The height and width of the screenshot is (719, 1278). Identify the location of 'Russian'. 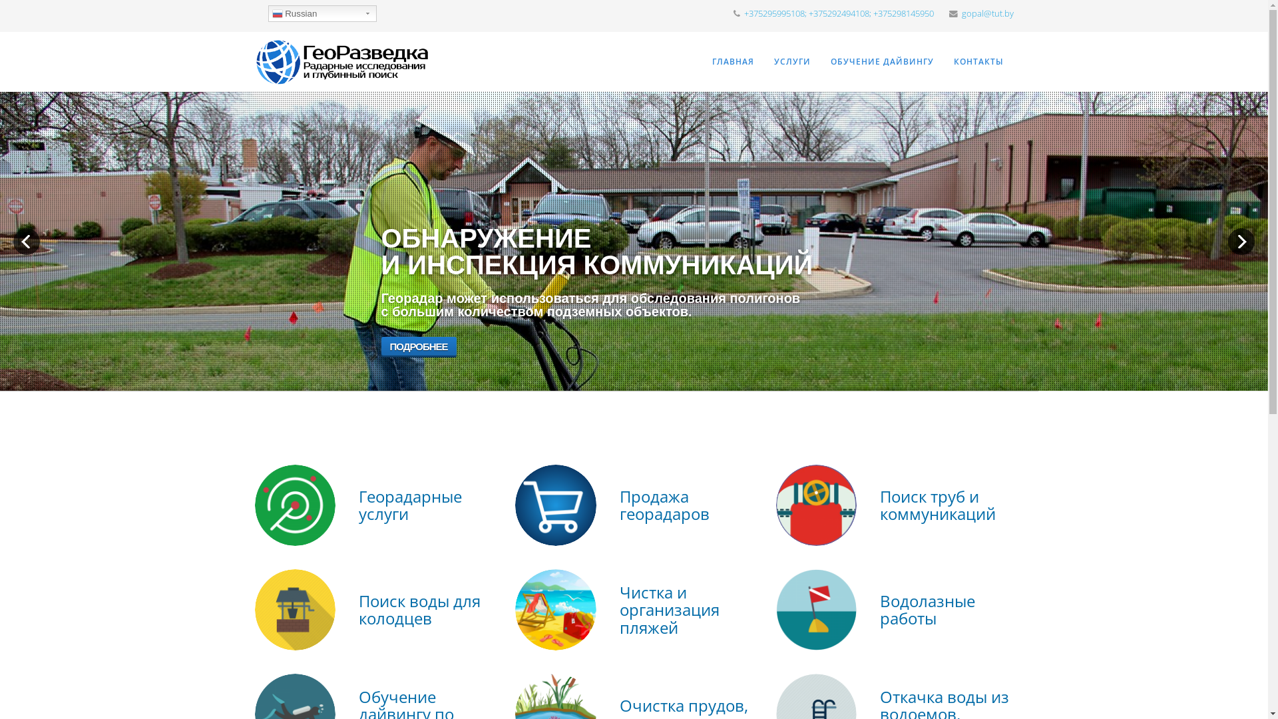
(321, 13).